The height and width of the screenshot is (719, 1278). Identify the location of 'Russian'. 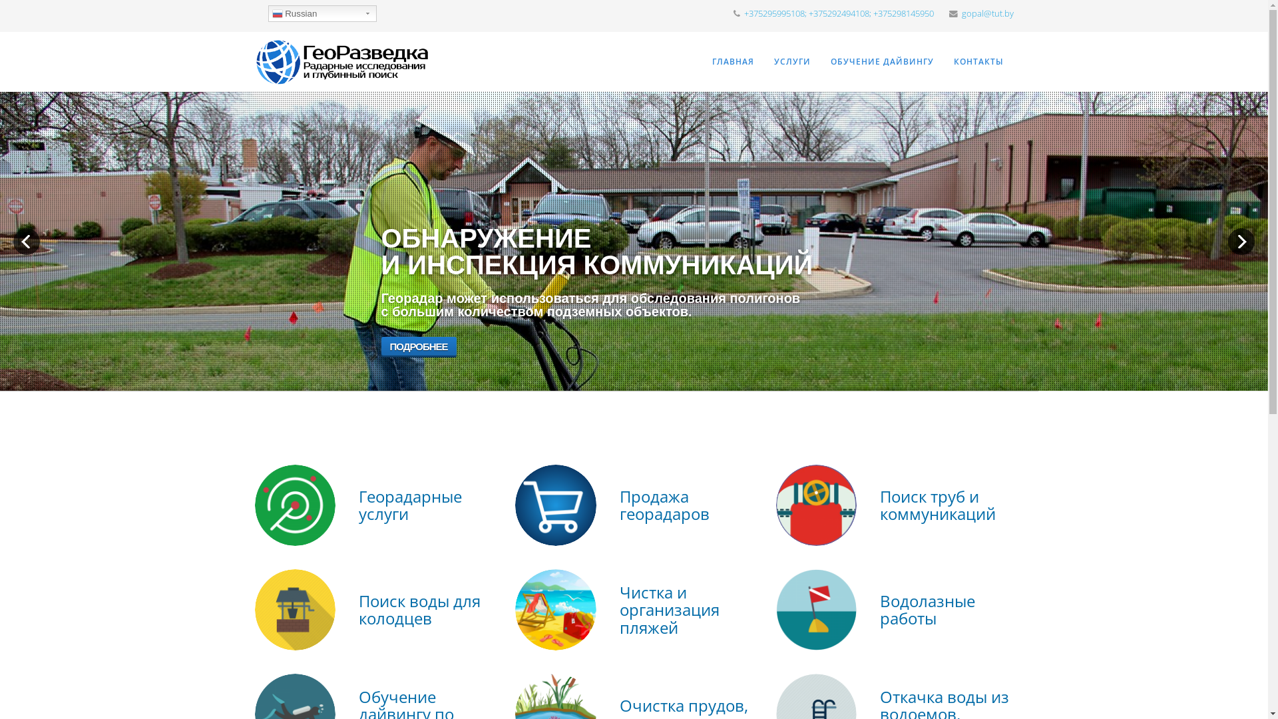
(321, 13).